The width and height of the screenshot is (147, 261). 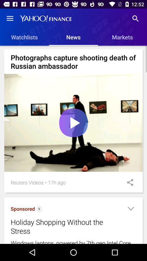 What do you see at coordinates (39, 209) in the screenshot?
I see `the item below reuters videos icon` at bounding box center [39, 209].